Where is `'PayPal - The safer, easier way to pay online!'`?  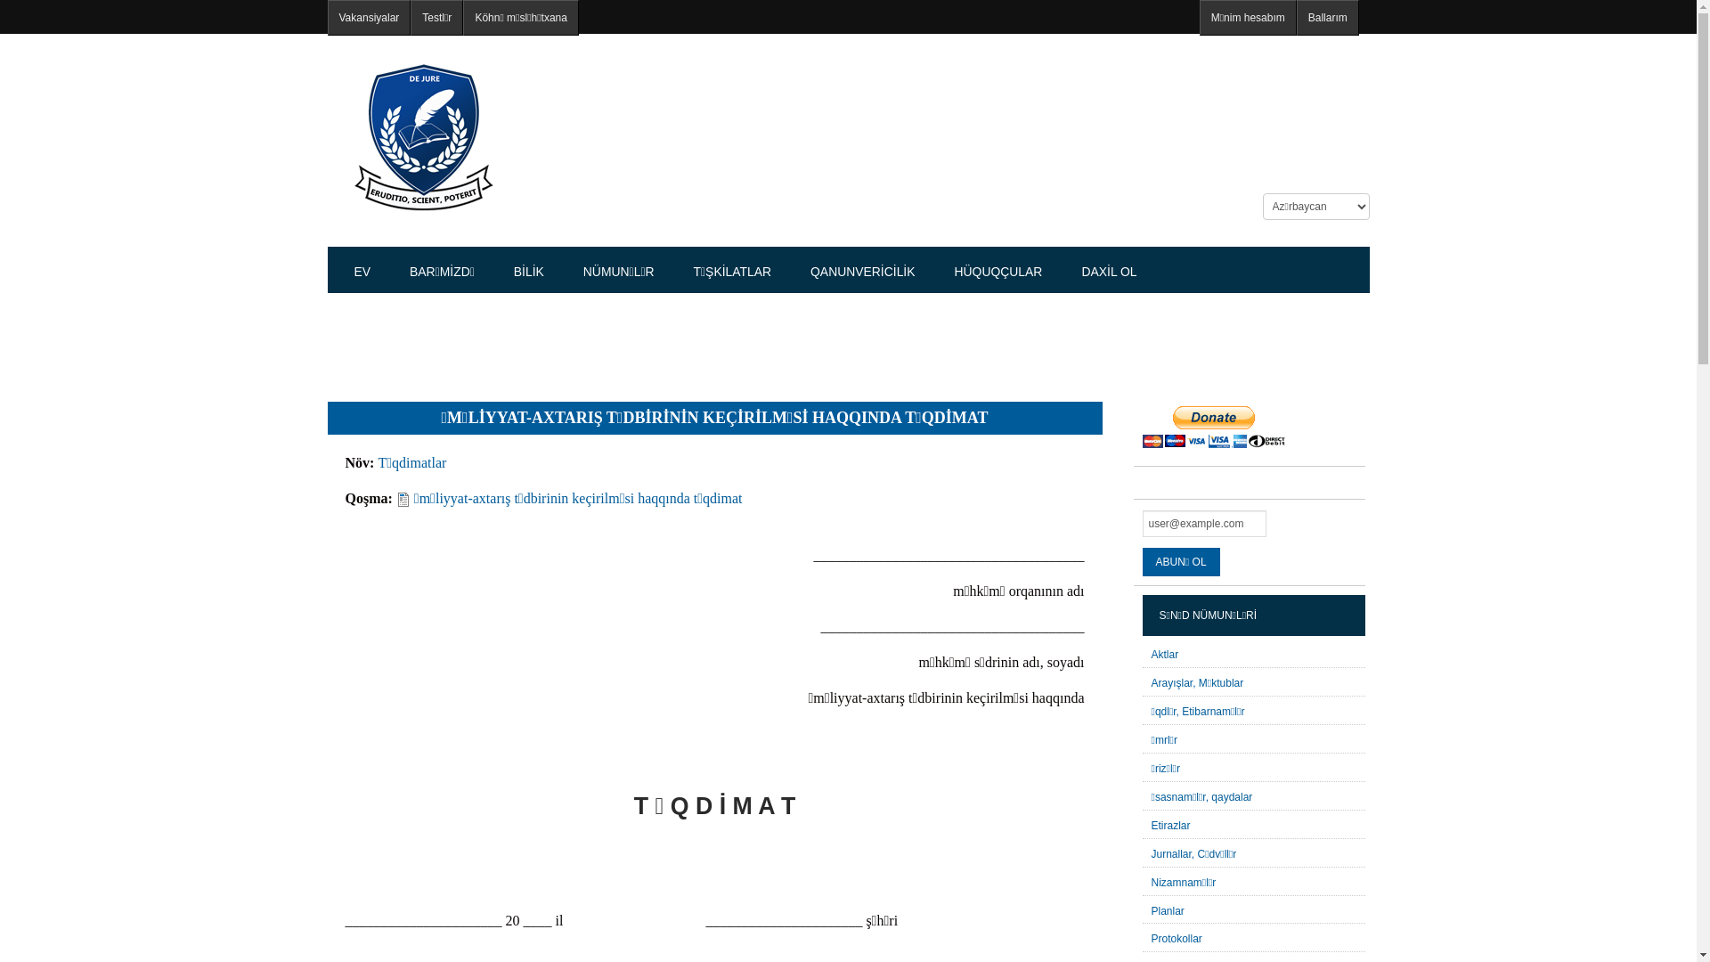
'PayPal - The safer, easier way to pay online!' is located at coordinates (1212, 427).